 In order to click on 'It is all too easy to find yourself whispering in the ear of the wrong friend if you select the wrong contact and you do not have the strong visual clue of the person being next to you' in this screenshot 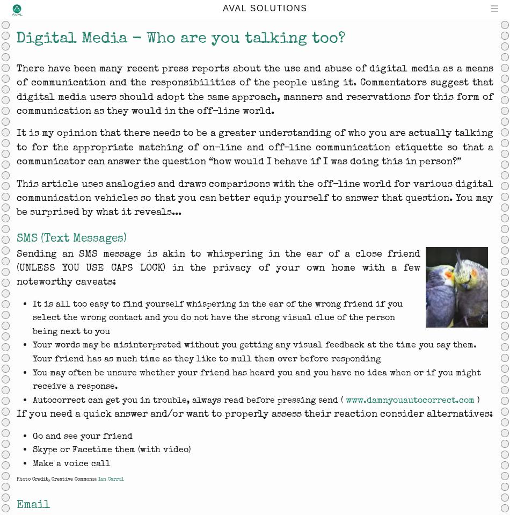, I will do `click(217, 316)`.